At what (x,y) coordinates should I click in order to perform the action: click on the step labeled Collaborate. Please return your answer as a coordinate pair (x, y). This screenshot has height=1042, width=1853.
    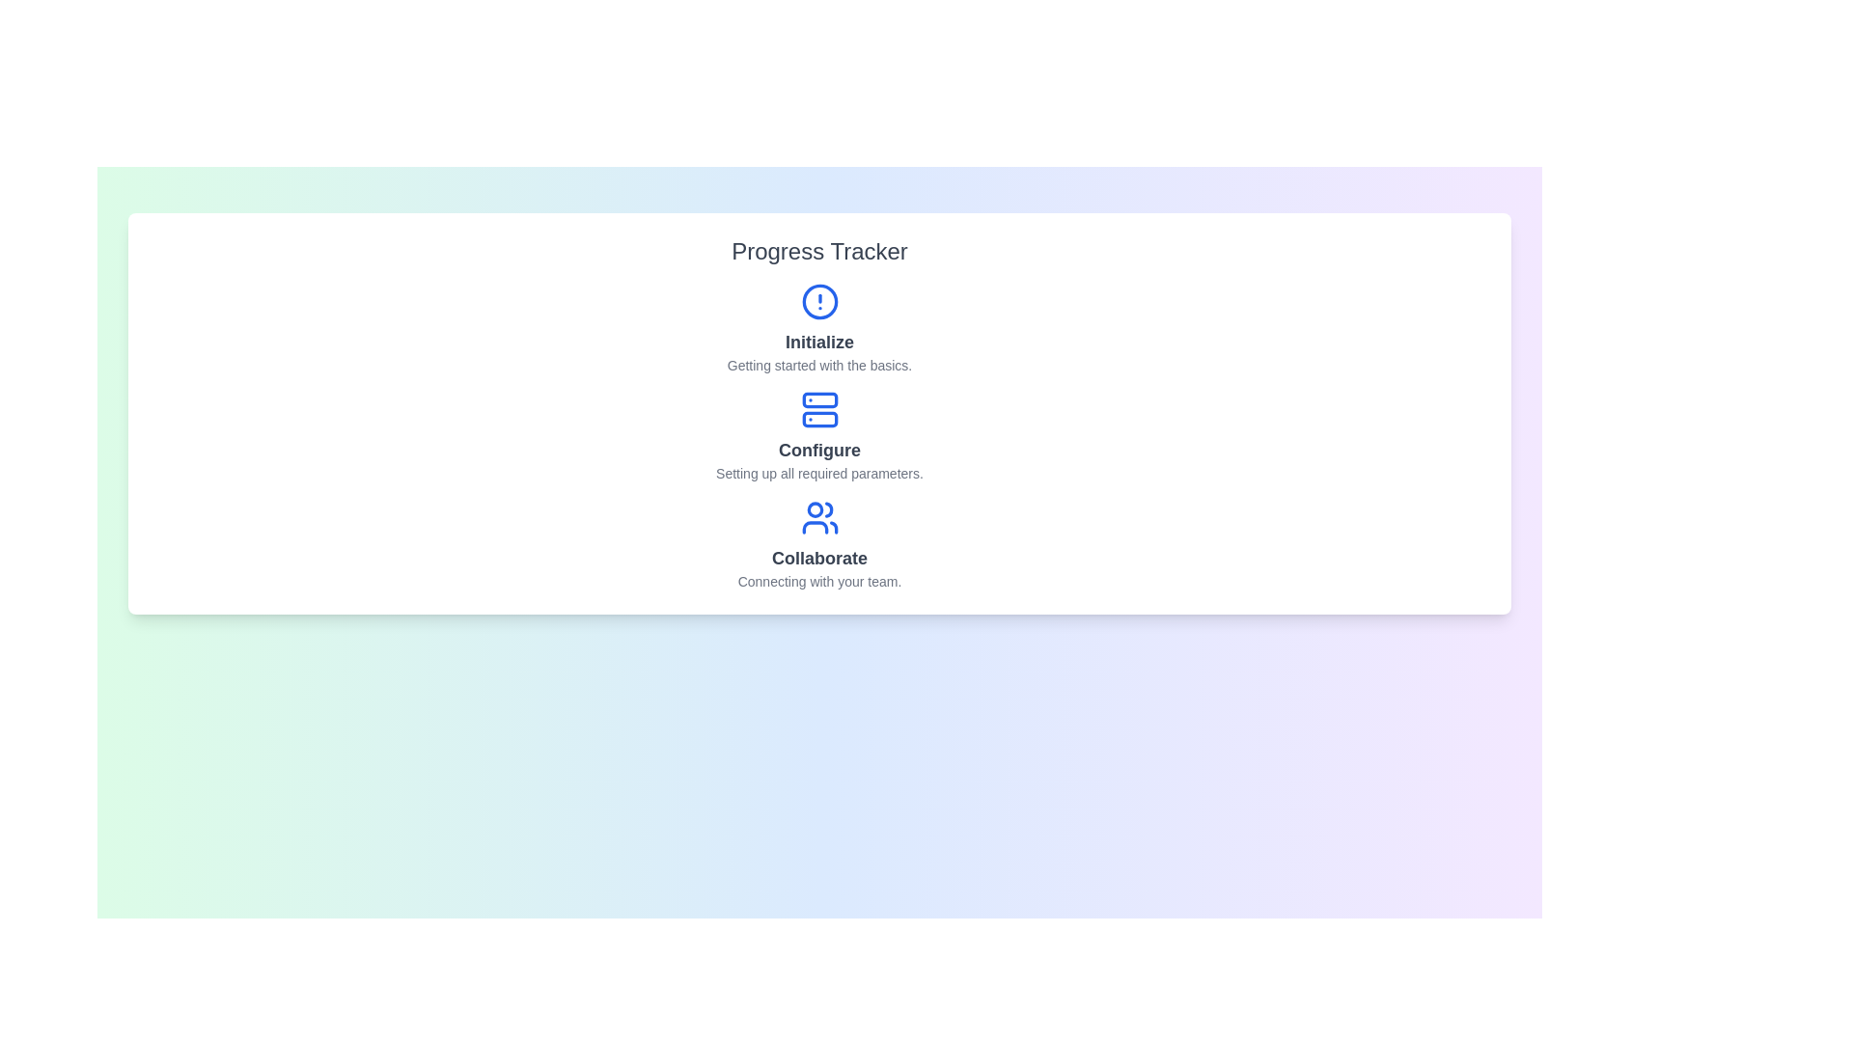
    Looking at the image, I should click on (819, 544).